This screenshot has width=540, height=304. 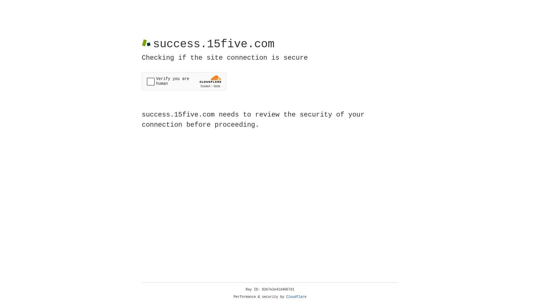 I want to click on 'Widget containing a Cloudflare security challenge', so click(x=184, y=81).